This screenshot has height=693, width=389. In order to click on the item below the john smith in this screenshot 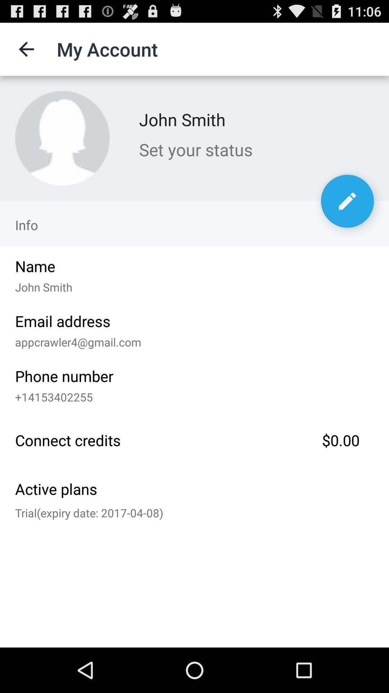, I will do `click(256, 149)`.